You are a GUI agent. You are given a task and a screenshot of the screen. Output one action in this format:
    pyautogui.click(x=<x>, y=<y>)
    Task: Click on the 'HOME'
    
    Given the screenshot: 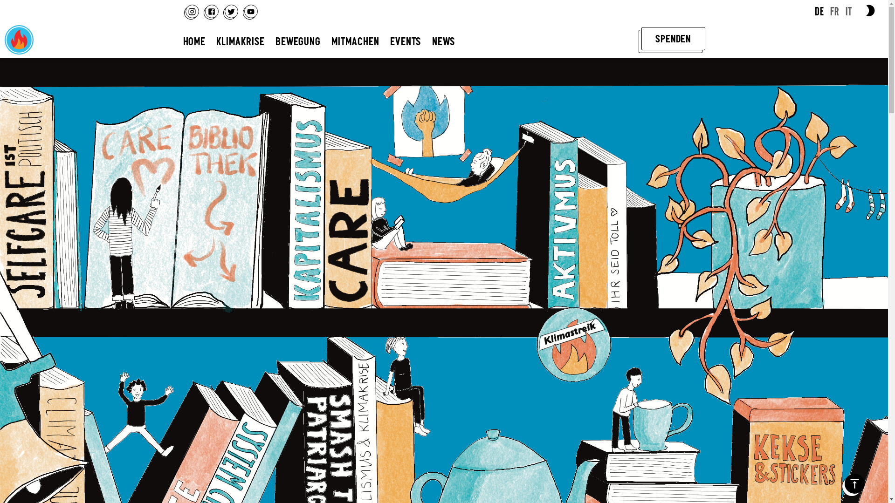 What is the action you would take?
    pyautogui.click(x=193, y=40)
    